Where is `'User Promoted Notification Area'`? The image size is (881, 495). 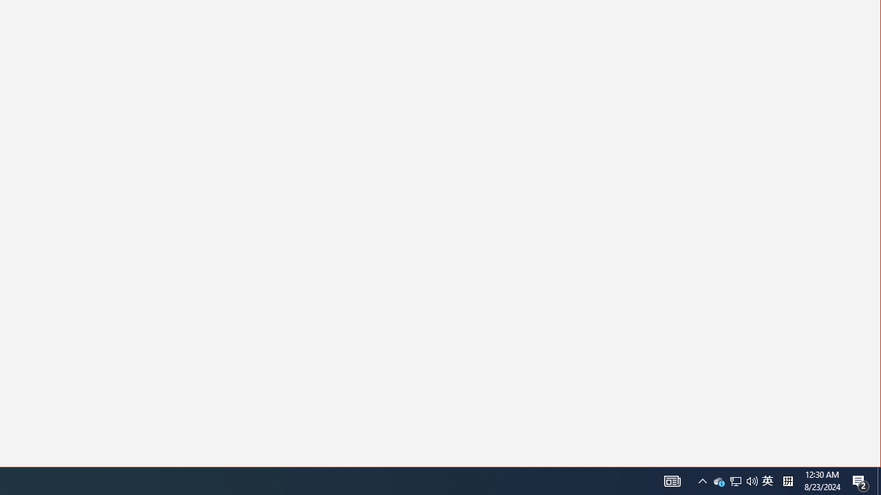
'User Promoted Notification Area' is located at coordinates (735, 480).